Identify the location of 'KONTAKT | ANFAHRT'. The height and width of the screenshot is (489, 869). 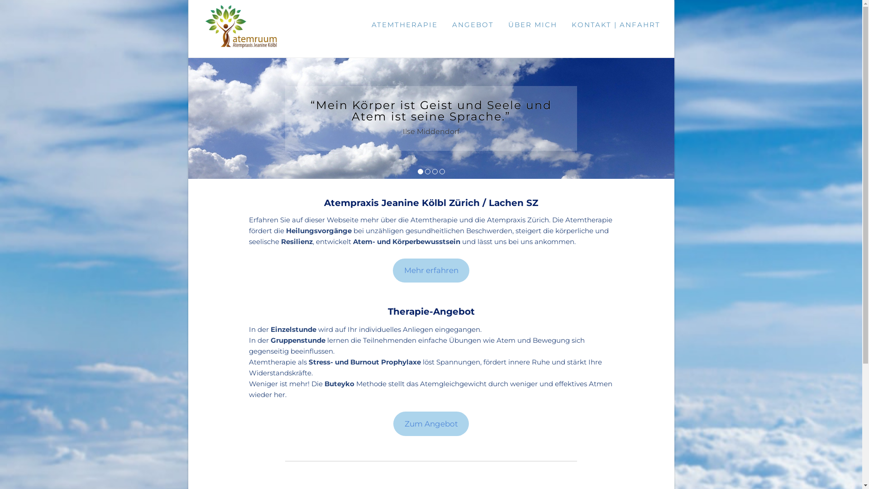
(615, 25).